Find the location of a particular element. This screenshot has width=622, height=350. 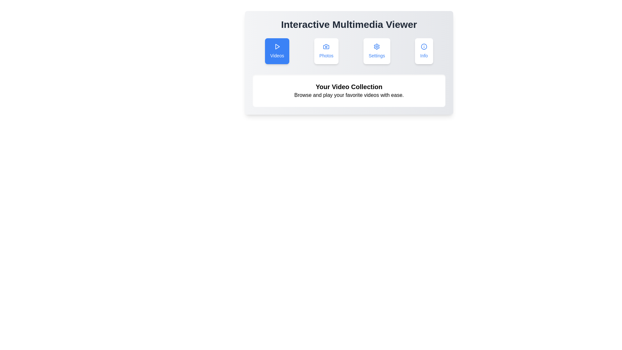

the first button in a row of four buttons that serves as a link to navigate to video-related actions, located at the far left of the row is located at coordinates (277, 51).